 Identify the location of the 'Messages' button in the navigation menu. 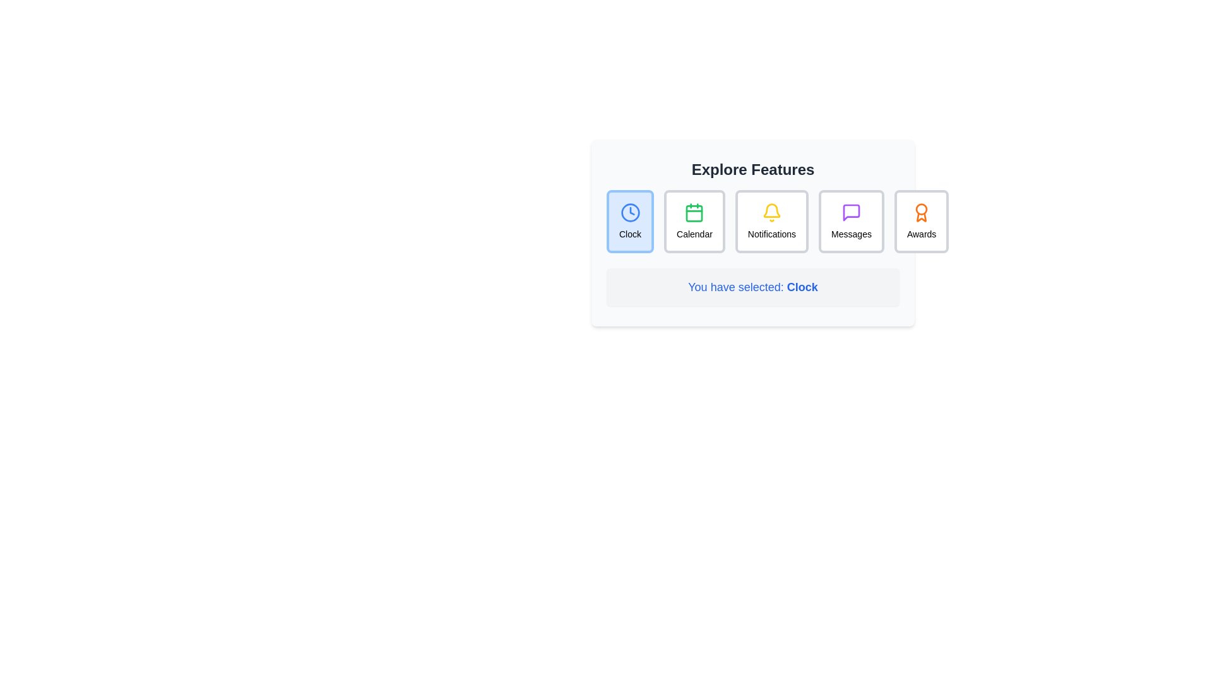
(851, 221).